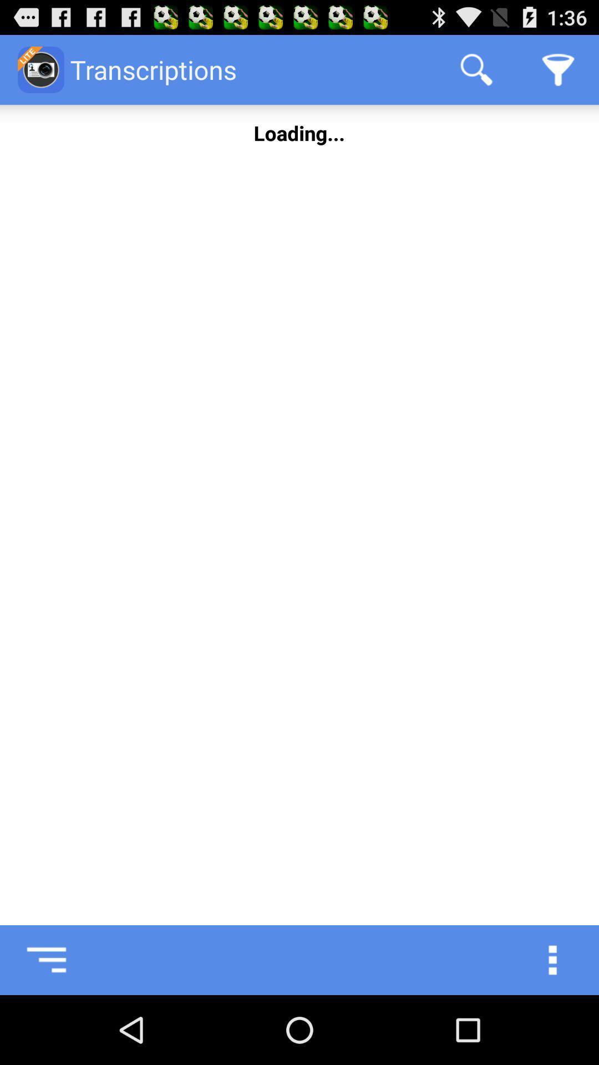 The width and height of the screenshot is (599, 1065). I want to click on open options, so click(564, 960).